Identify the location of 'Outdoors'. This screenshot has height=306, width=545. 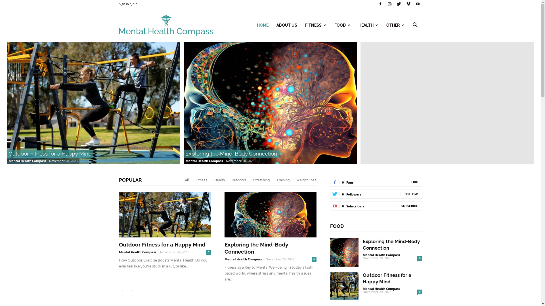
(239, 180).